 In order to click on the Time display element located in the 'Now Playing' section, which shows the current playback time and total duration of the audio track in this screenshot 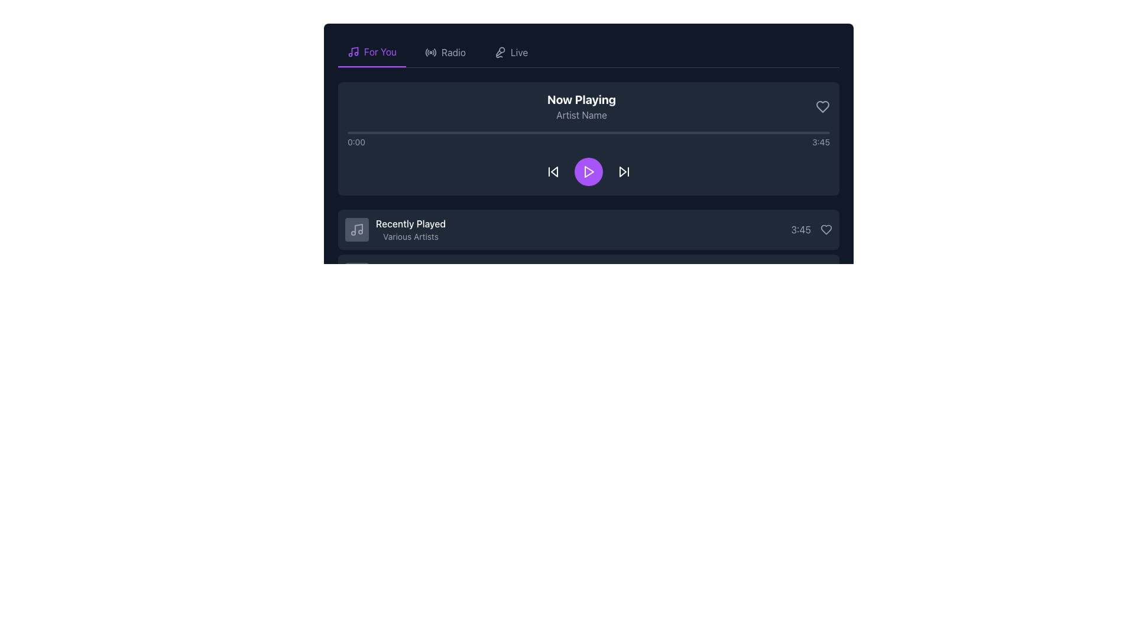, I will do `click(589, 141)`.